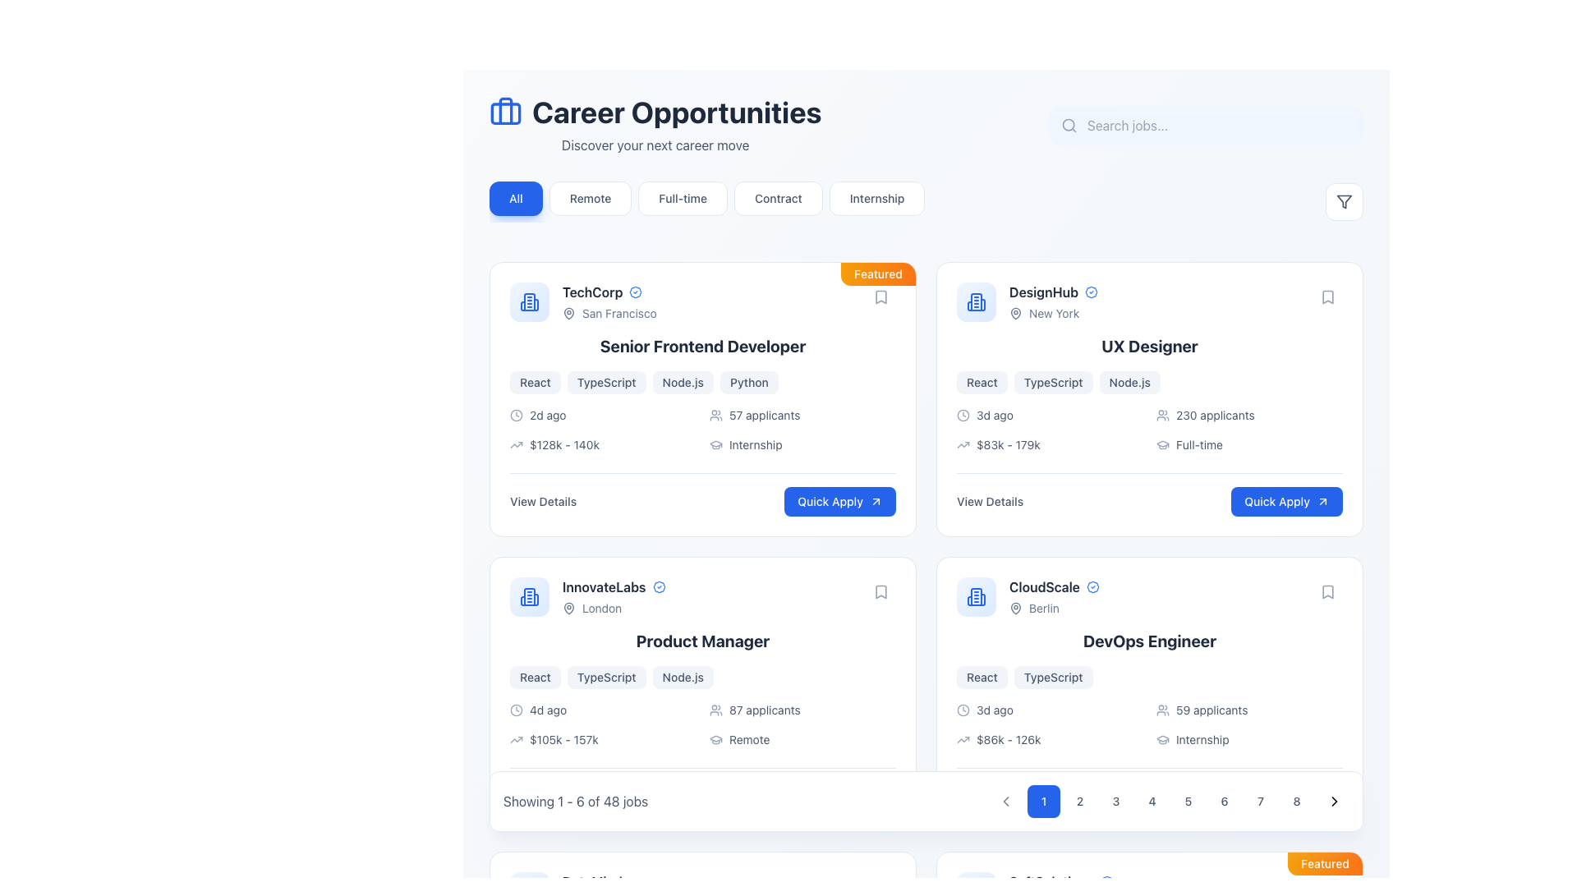 Image resolution: width=1577 pixels, height=887 pixels. What do you see at coordinates (963, 709) in the screenshot?
I see `the icon indicating the recency of the job posting for the 'DevOps Engineer' position at 'CloudScale', which shows that the post was made 3 days ago` at bounding box center [963, 709].